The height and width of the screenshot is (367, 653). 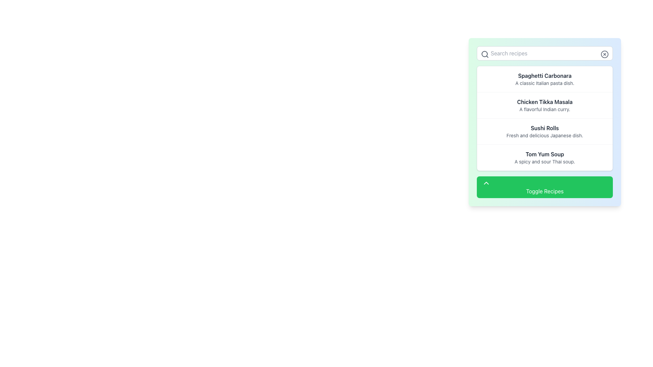 What do you see at coordinates (545, 121) in the screenshot?
I see `the third list item displaying a food dish in the recipe list to focus on it` at bounding box center [545, 121].